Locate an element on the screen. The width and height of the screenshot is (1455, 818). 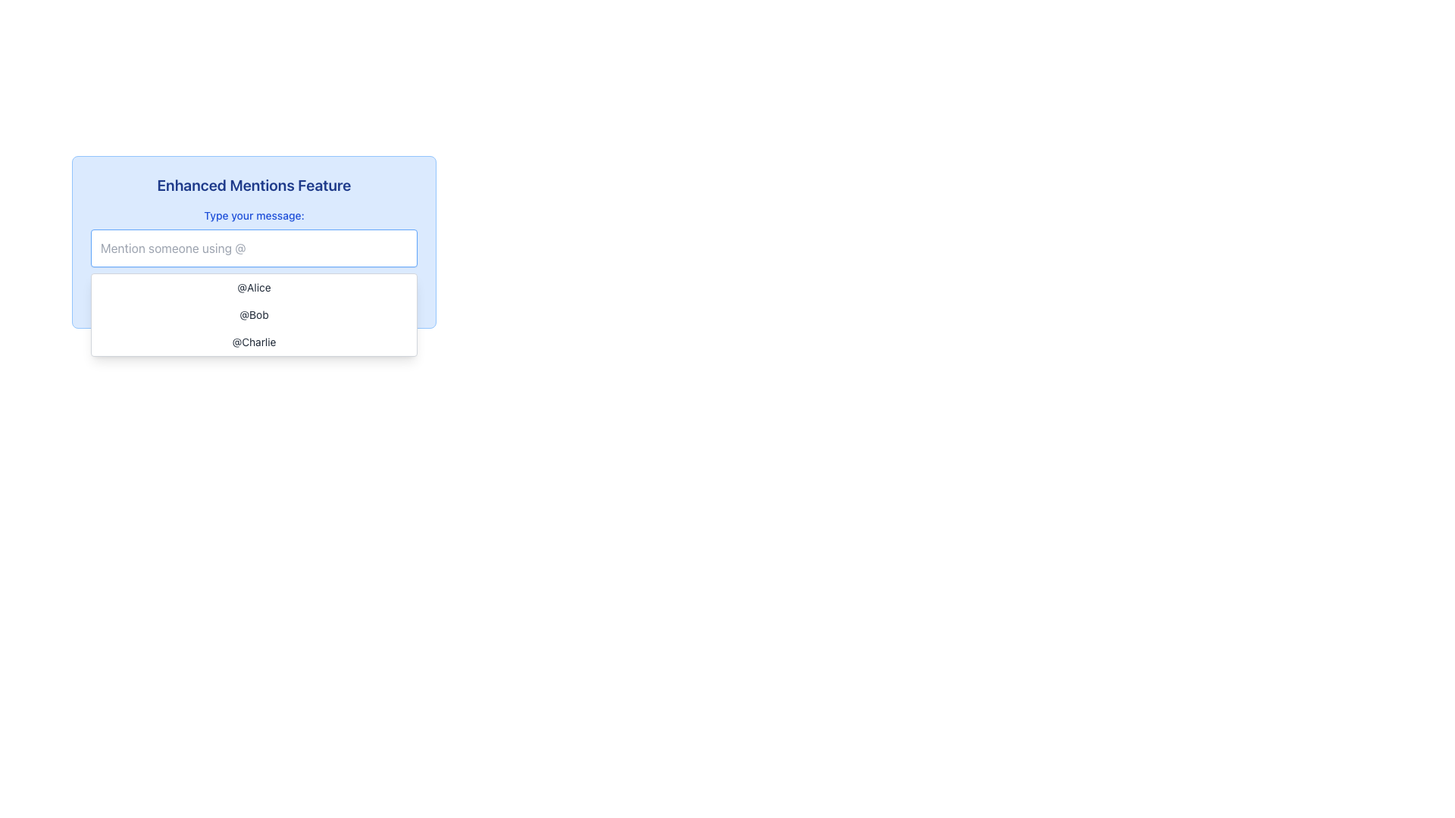
the selectable text option displaying '@Bob', which is the second item in the dropdown list of the 'Enhanced Mentions Feature' is located at coordinates (254, 314).